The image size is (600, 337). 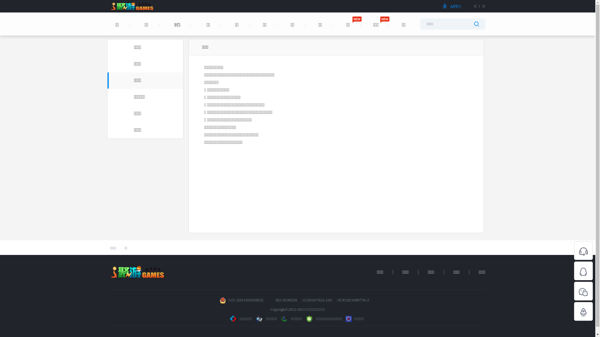 What do you see at coordinates (177, 36) in the screenshot?
I see `'H5'` at bounding box center [177, 36].